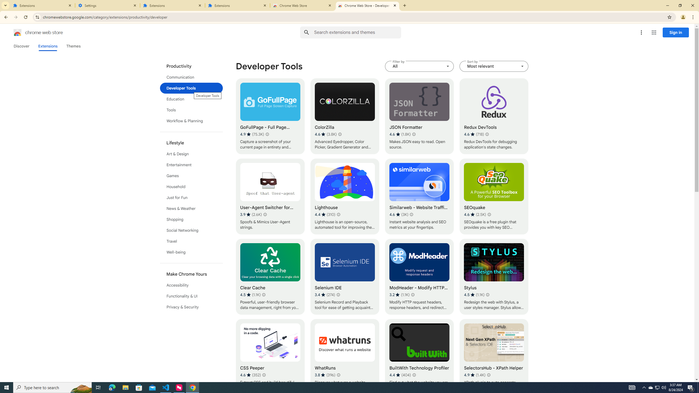  Describe the element at coordinates (475, 214) in the screenshot. I see `'Average rating 4.6 out of 5 stars. 2.5K ratings.'` at that location.